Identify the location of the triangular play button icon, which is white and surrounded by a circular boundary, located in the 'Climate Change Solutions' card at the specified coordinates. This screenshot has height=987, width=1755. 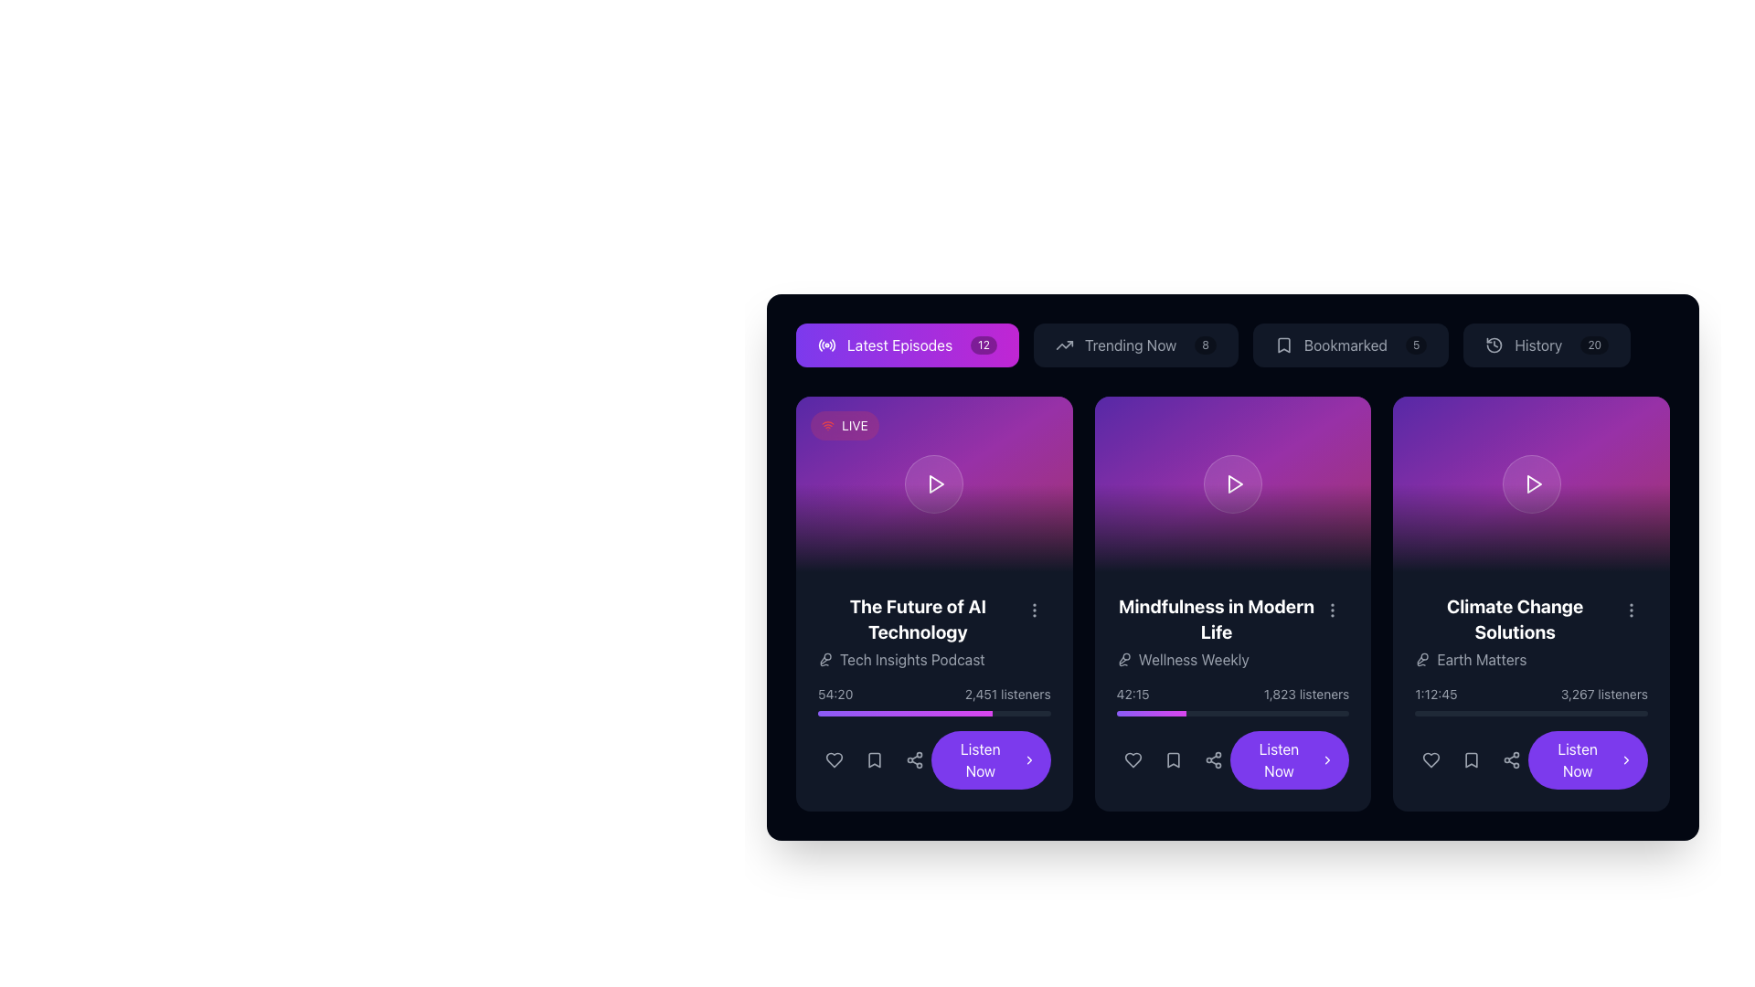
(1534, 483).